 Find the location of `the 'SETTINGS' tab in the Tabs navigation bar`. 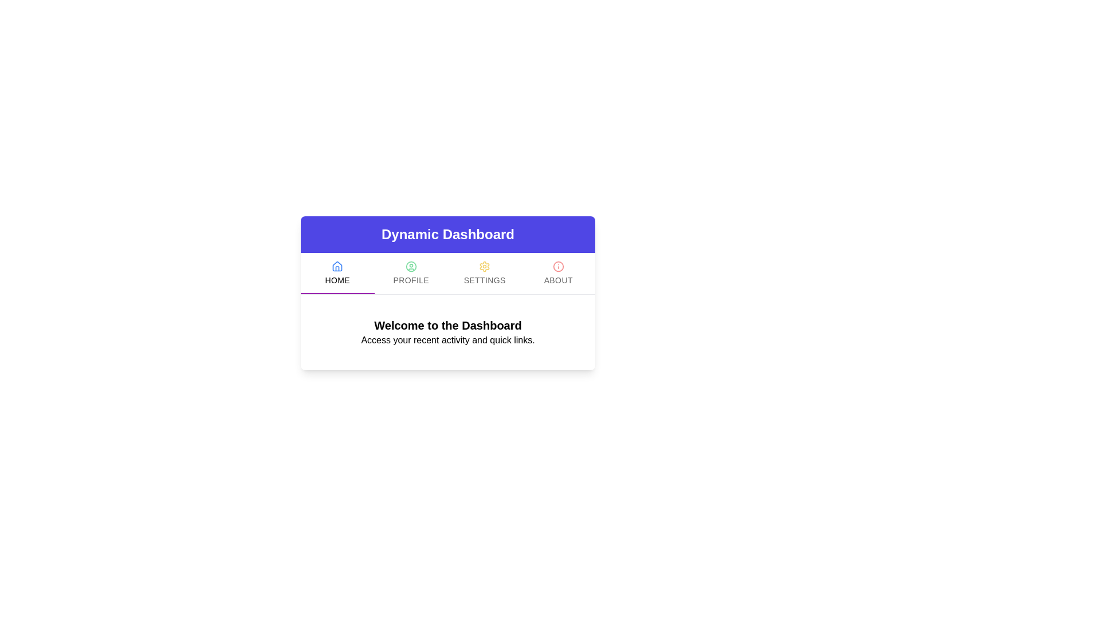

the 'SETTINGS' tab in the Tabs navigation bar is located at coordinates (447, 274).